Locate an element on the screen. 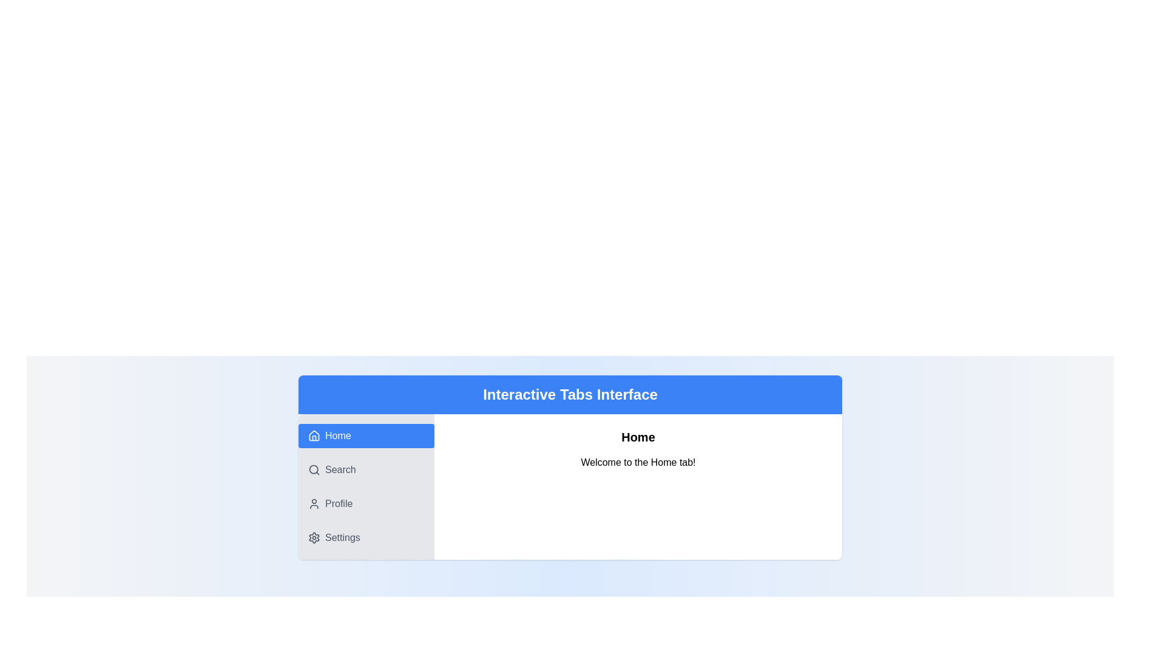 The image size is (1165, 655). the Profile tab by clicking on its corresponding tab element is located at coordinates (366, 503).